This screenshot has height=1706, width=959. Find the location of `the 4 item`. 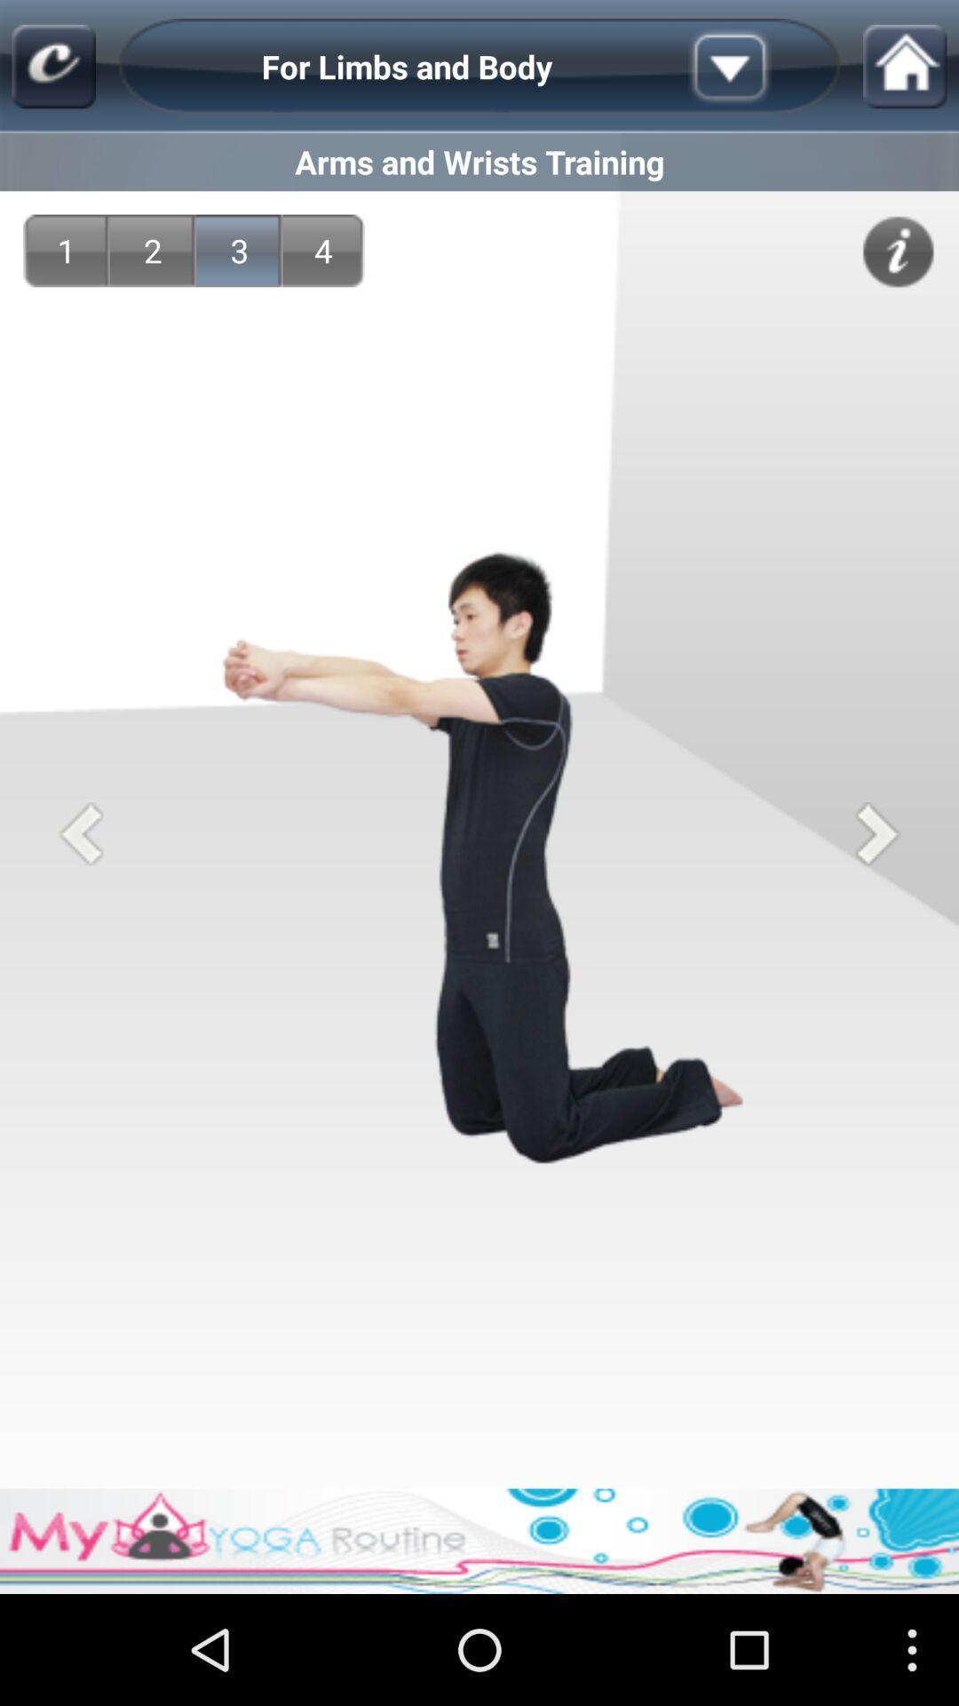

the 4 item is located at coordinates (323, 250).